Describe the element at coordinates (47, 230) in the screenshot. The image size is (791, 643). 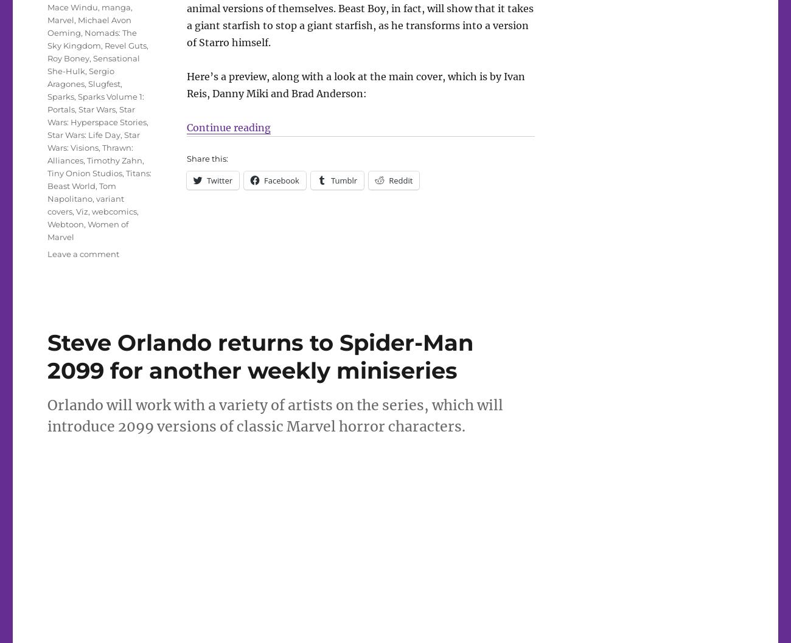
I see `'Women of Marvel'` at that location.